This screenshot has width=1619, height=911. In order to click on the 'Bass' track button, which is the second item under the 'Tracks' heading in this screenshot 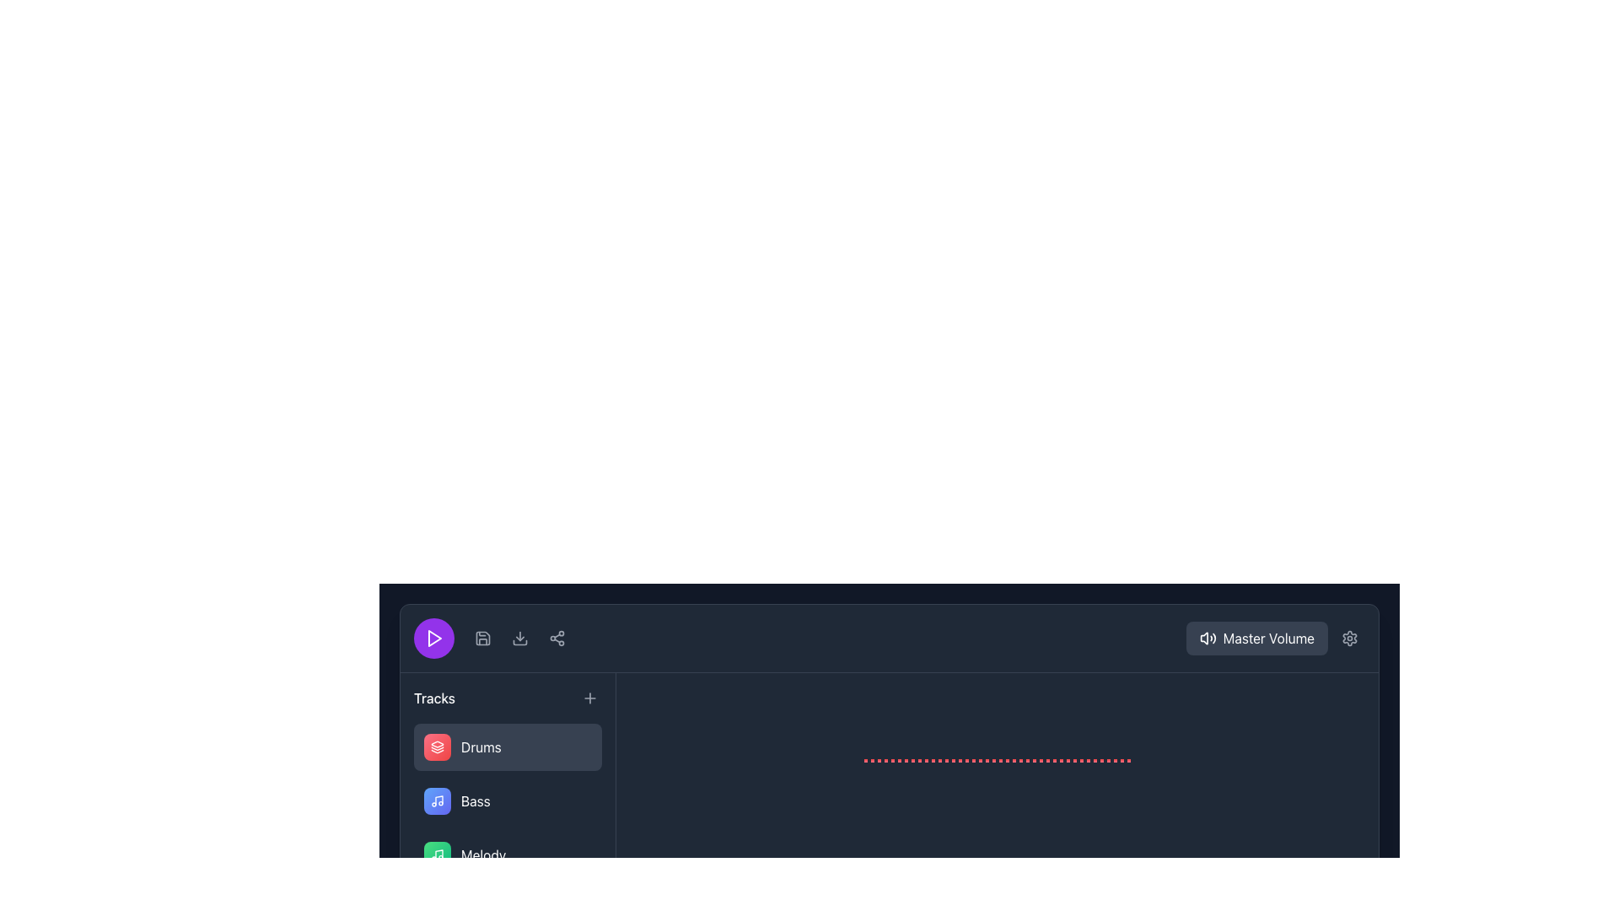, I will do `click(507, 800)`.